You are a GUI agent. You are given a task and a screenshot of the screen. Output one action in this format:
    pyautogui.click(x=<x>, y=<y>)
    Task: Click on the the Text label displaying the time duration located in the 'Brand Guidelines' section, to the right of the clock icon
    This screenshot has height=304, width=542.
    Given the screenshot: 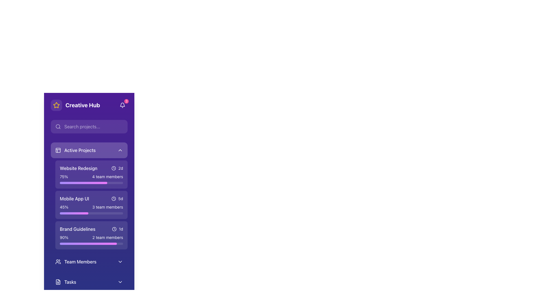 What is the action you would take?
    pyautogui.click(x=121, y=229)
    